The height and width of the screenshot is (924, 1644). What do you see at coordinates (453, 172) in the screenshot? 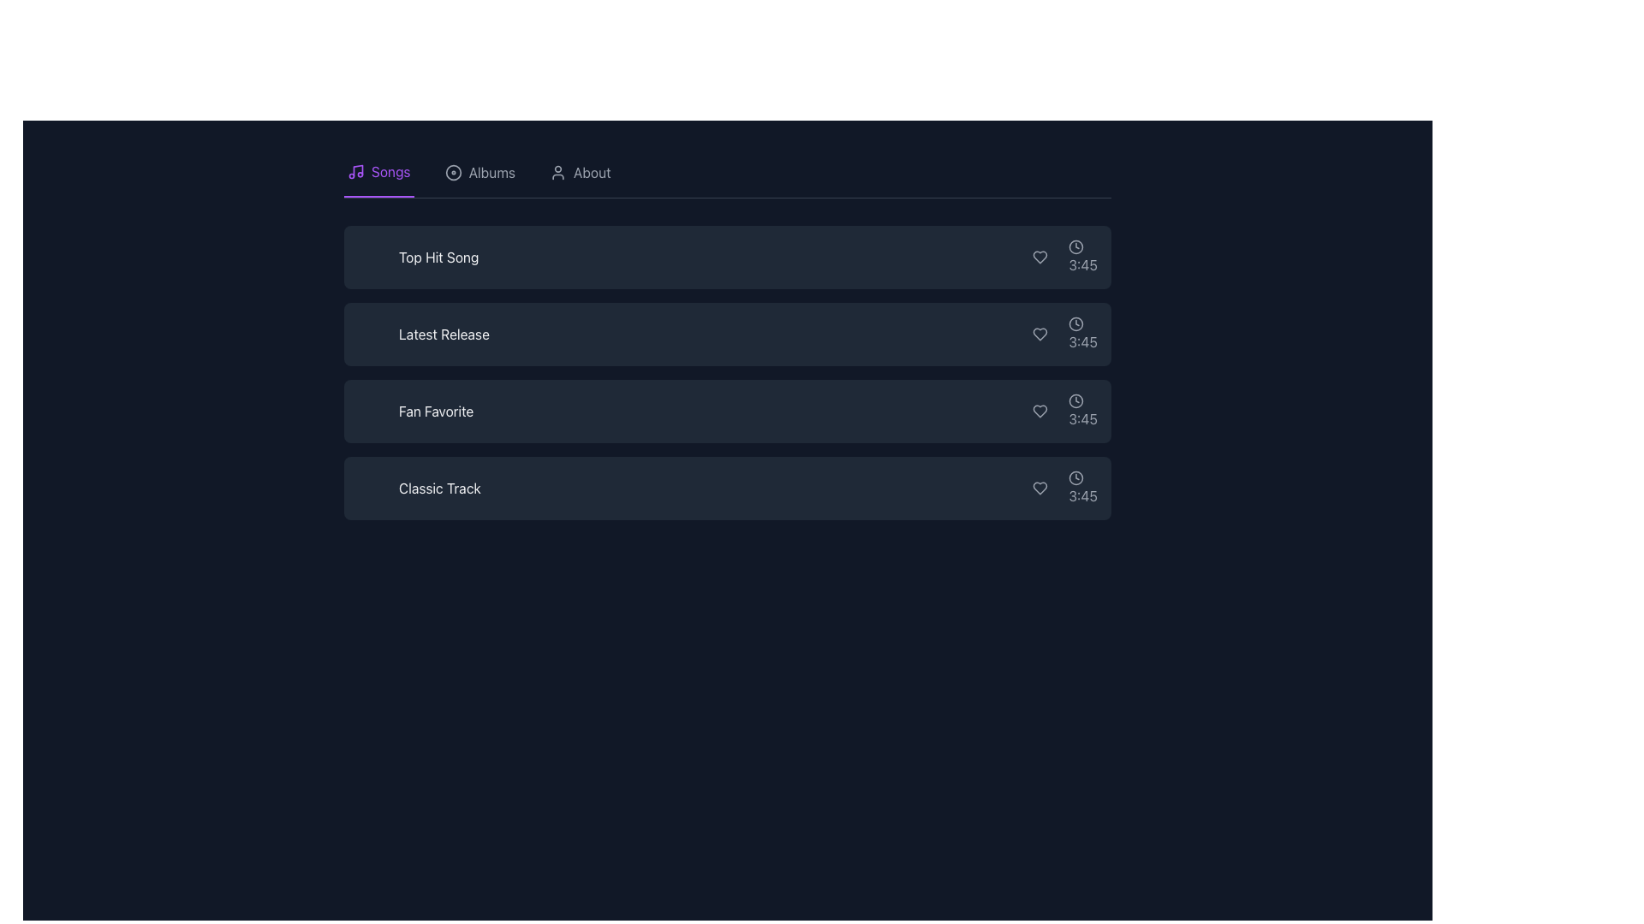
I see `the outer circular graphical component of the icon located beside the 'Albums' label in the navigation bar` at bounding box center [453, 172].